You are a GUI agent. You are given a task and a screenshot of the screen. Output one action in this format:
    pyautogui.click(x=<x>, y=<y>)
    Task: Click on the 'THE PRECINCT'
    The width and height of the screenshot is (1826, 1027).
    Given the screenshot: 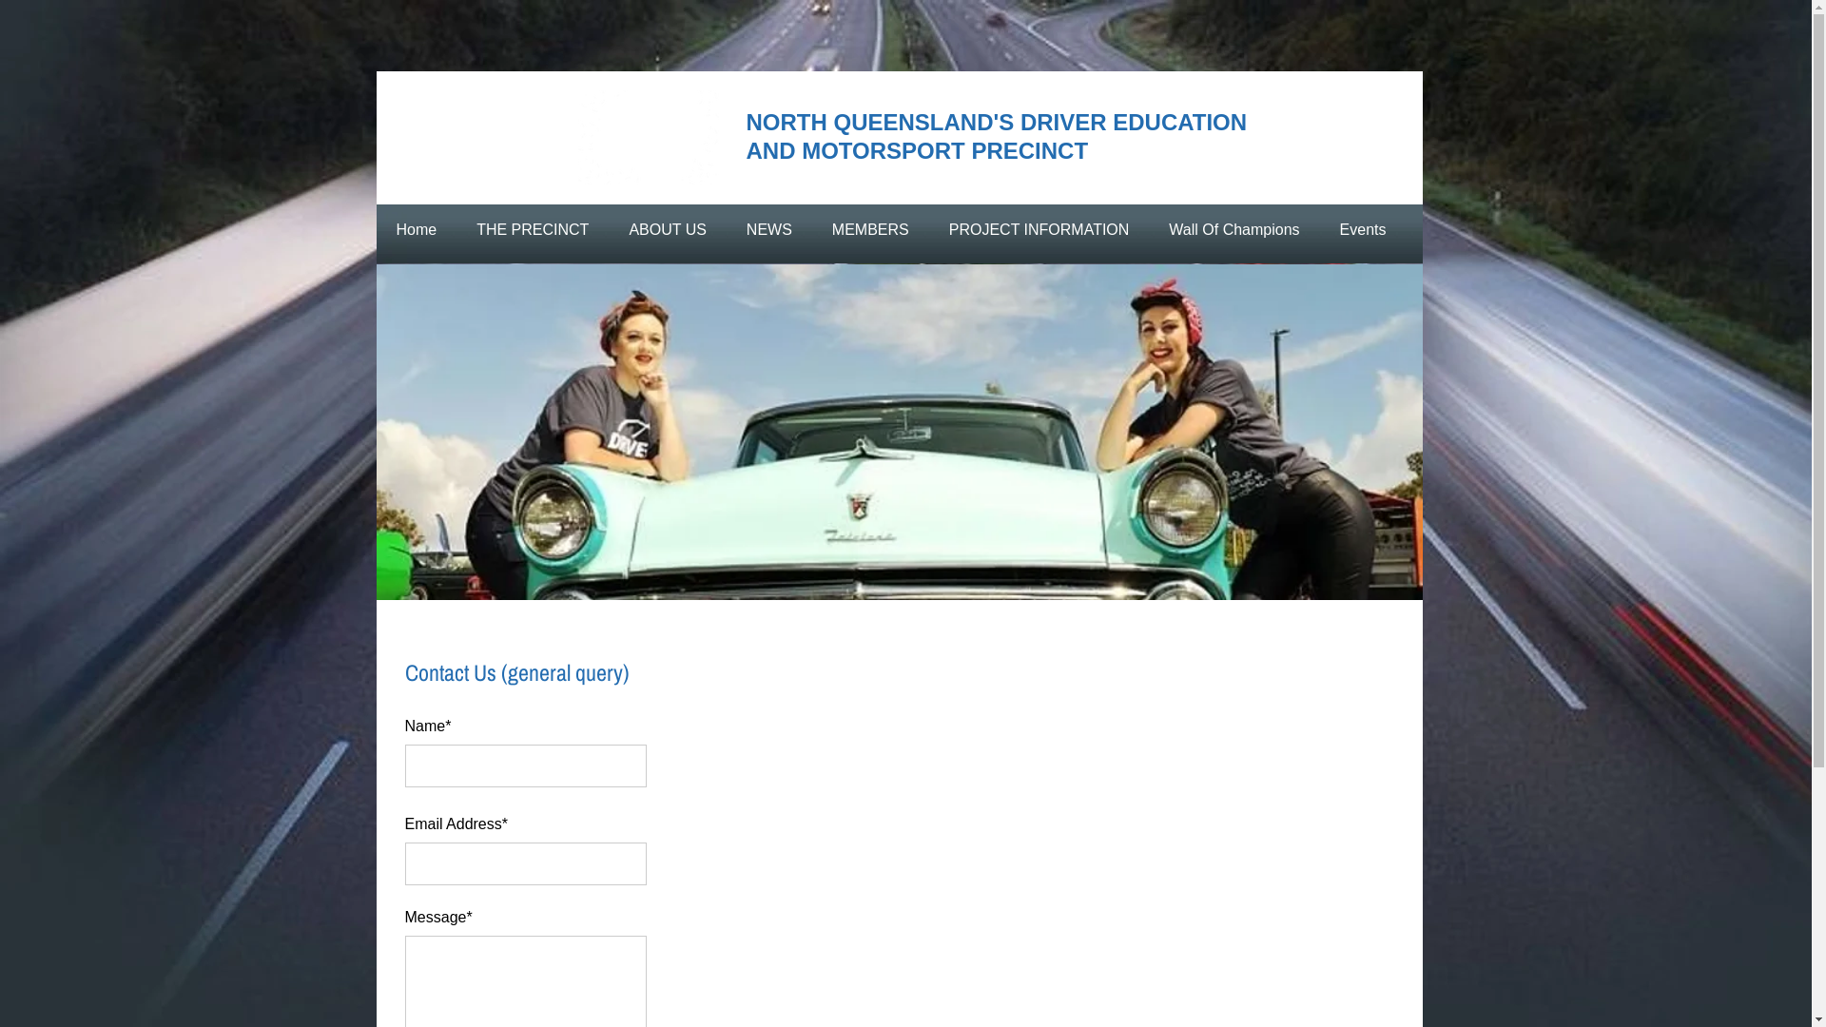 What is the action you would take?
    pyautogui.click(x=533, y=229)
    